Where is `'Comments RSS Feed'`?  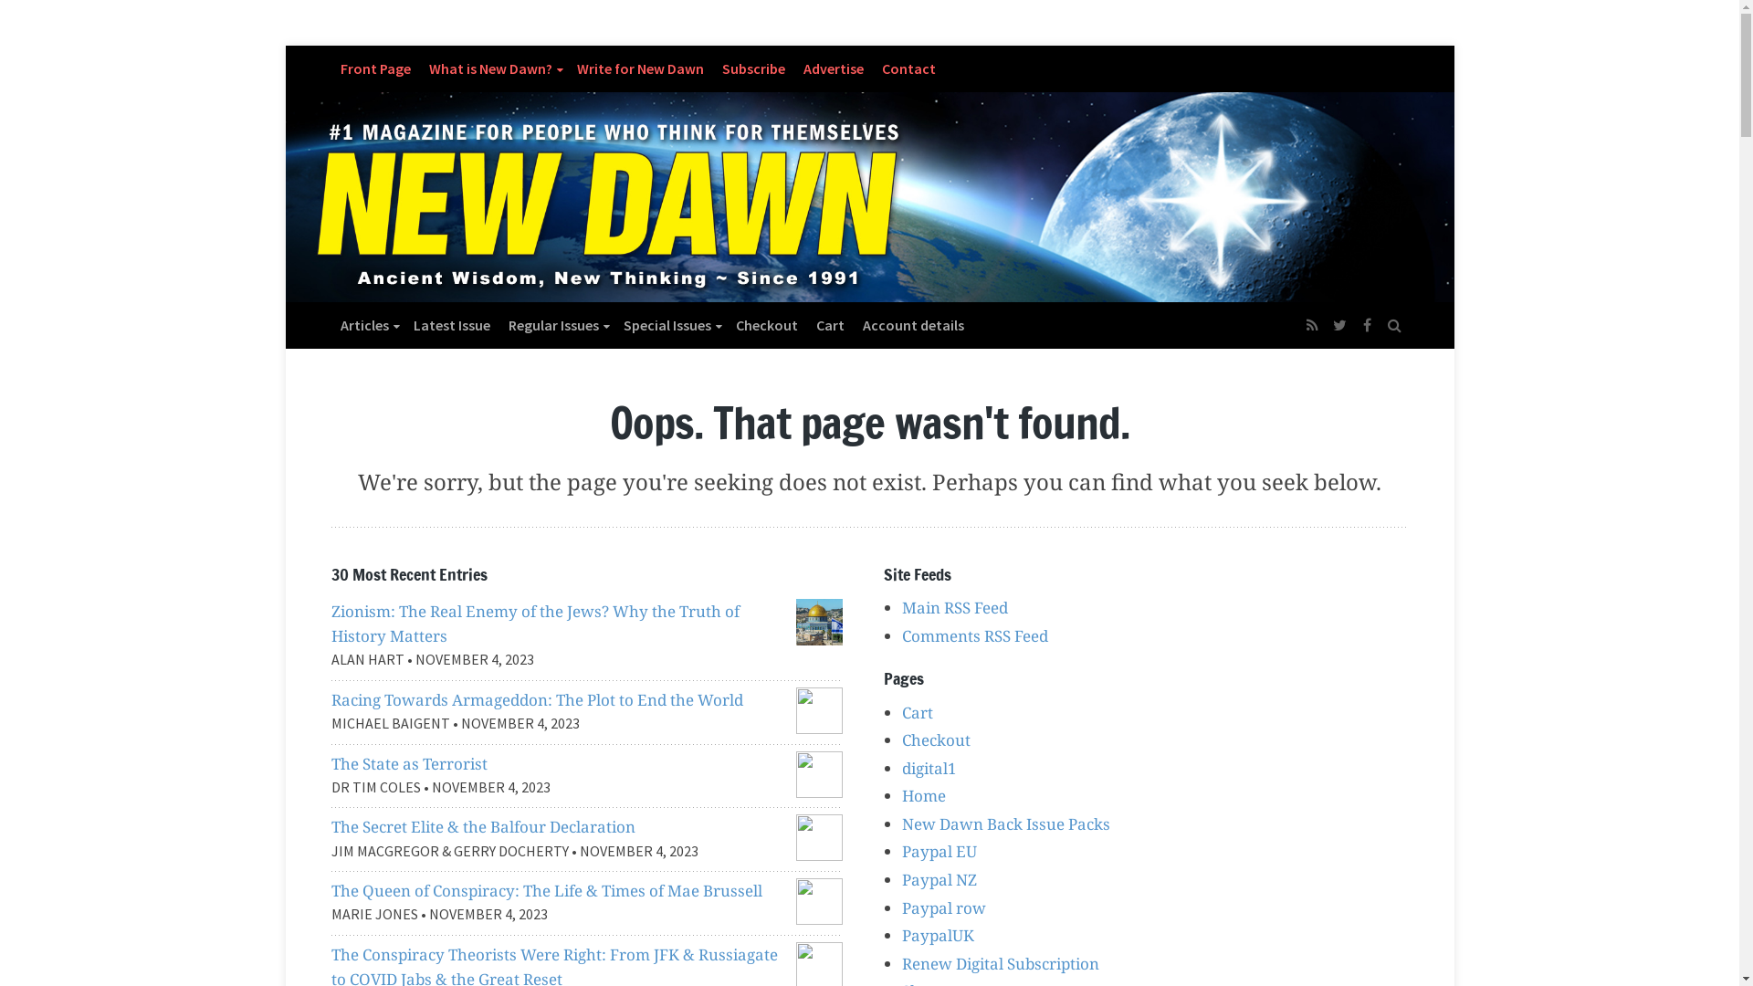
'Comments RSS Feed' is located at coordinates (973, 635).